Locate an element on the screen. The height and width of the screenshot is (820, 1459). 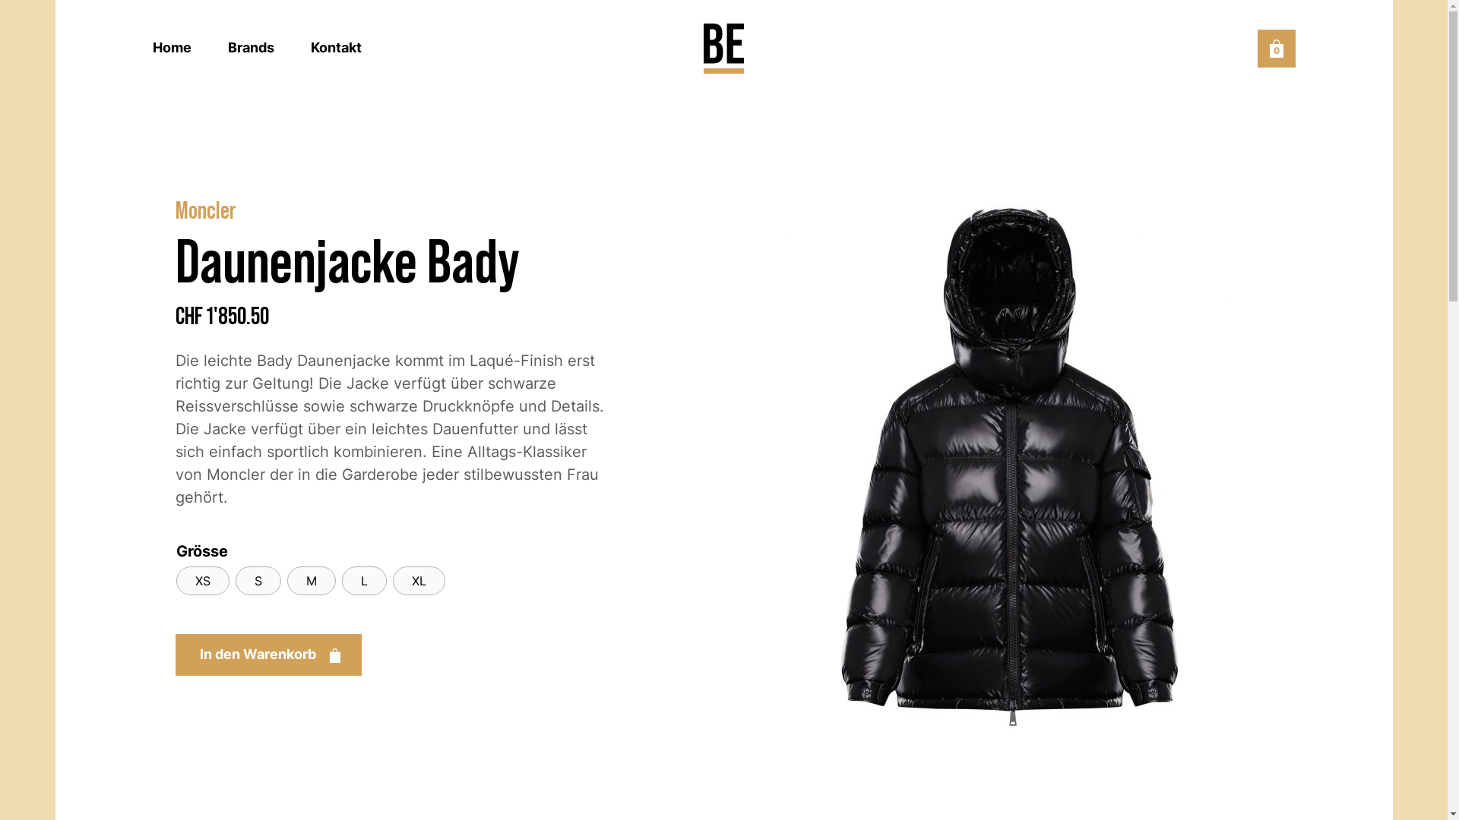
'Kontakt' is located at coordinates (334, 46).